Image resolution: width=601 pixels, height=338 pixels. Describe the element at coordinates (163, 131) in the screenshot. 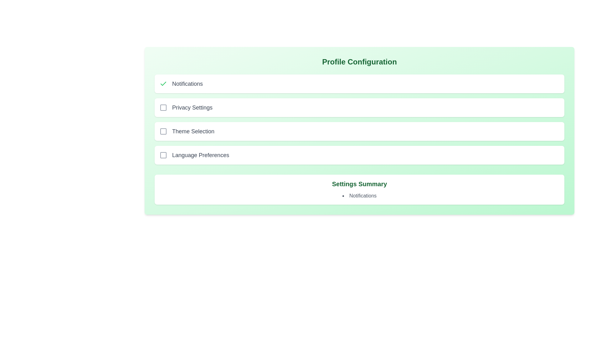

I see `the 'Theme Selection' checkbox` at that location.